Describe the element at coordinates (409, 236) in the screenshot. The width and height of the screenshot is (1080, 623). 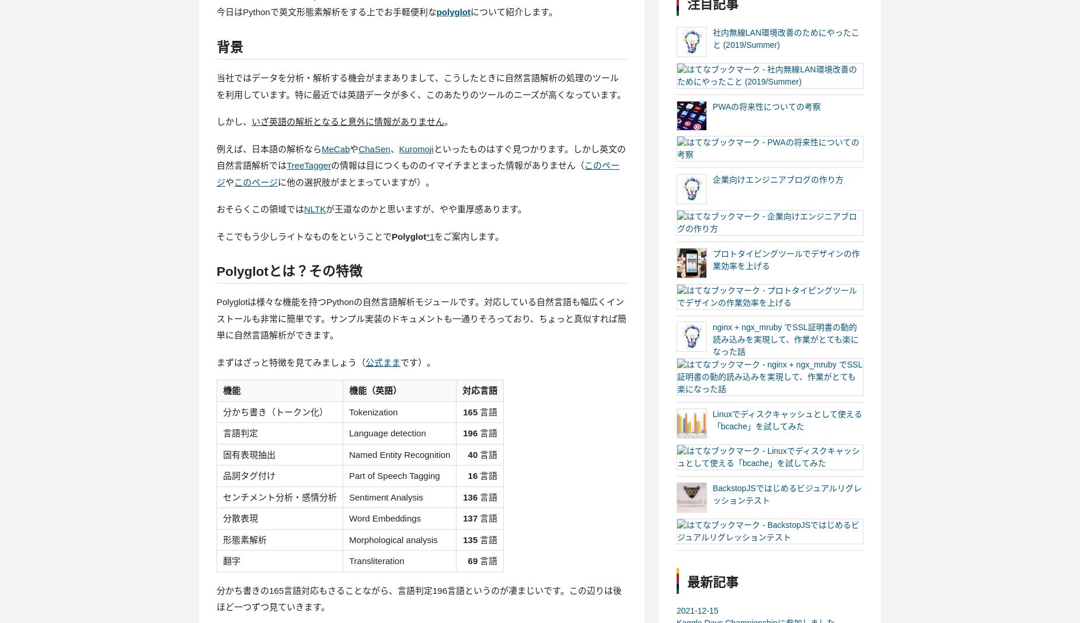
I see `'Polyglot'` at that location.